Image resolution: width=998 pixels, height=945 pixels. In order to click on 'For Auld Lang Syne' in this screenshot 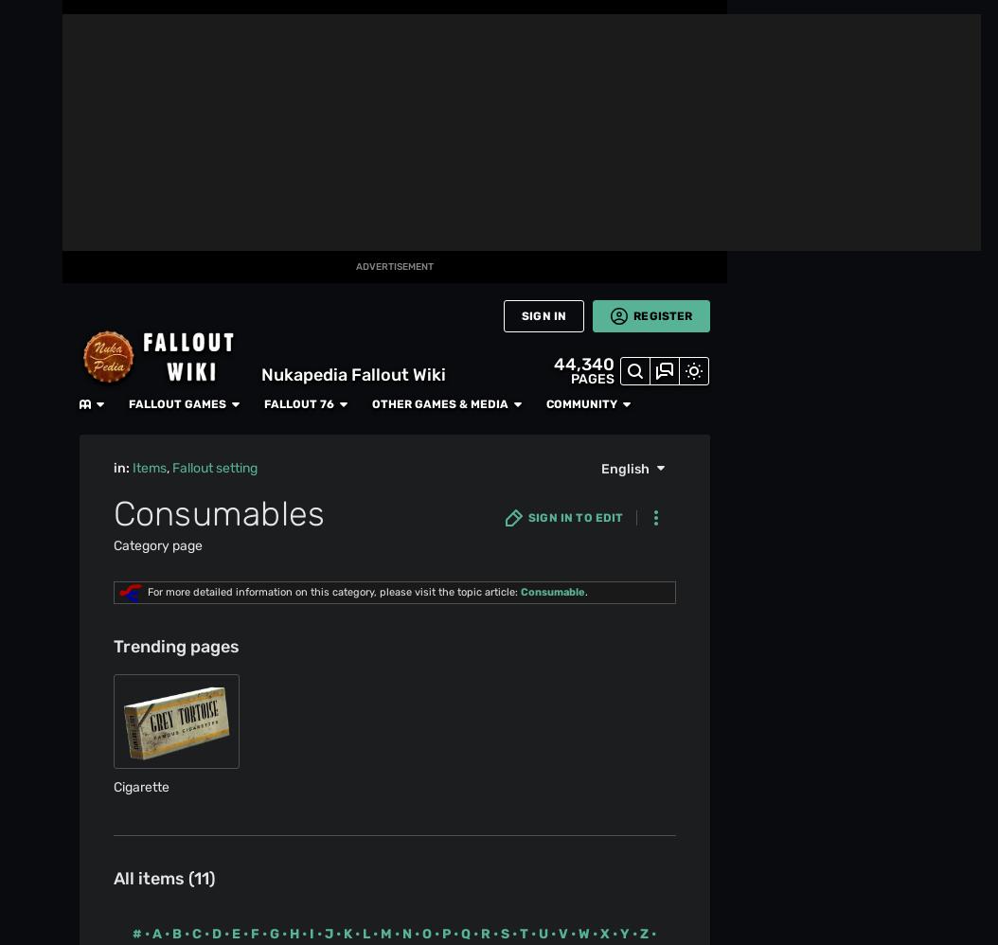, I will do `click(526, 170)`.